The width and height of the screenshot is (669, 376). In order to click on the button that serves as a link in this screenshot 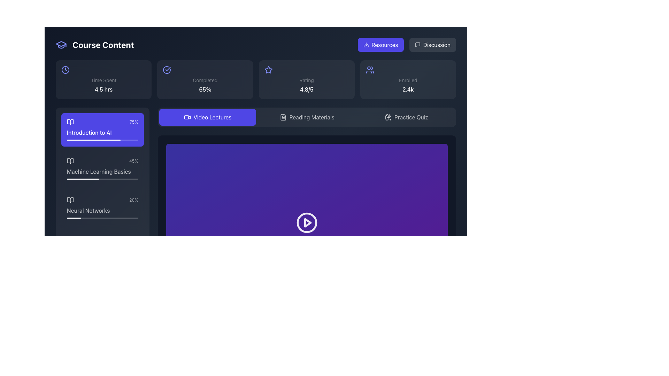, I will do `click(307, 117)`.